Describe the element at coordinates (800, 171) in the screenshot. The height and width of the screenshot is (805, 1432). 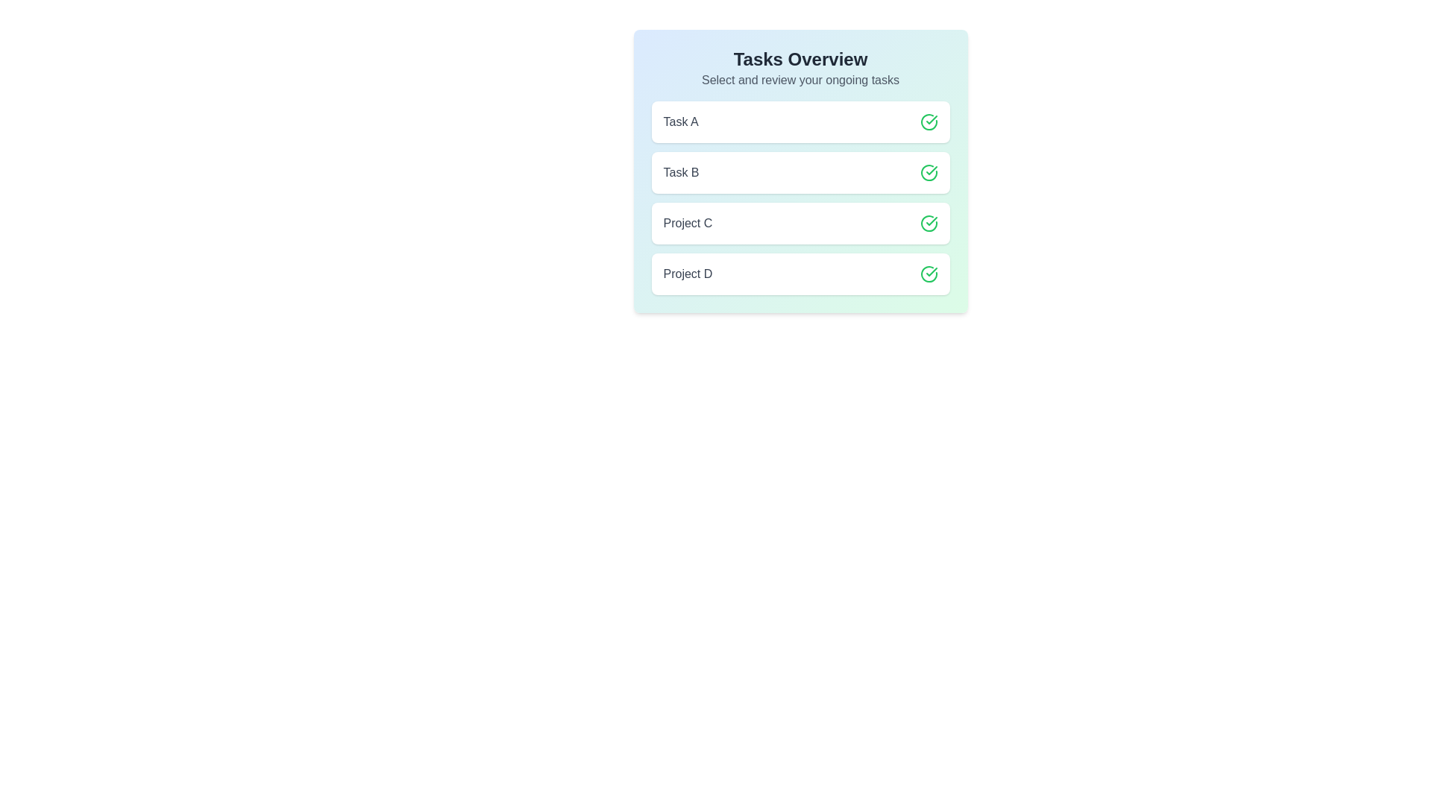
I see `the item labeled Task B to observe style changes` at that location.